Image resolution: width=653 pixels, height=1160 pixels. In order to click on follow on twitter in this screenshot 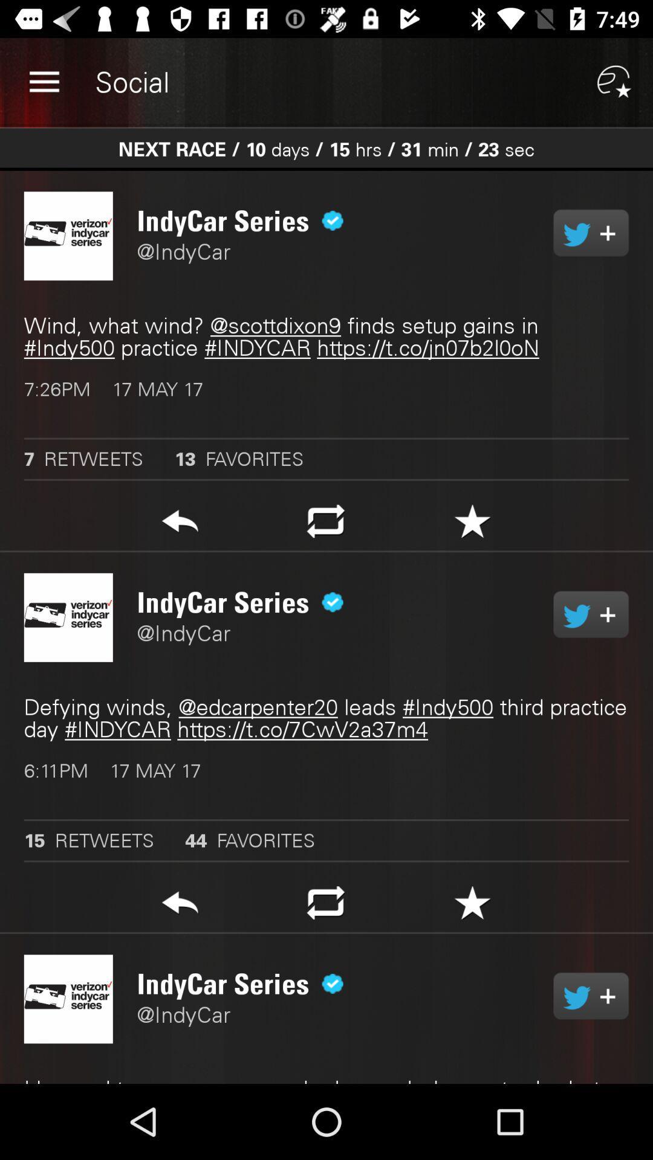, I will do `click(590, 614)`.